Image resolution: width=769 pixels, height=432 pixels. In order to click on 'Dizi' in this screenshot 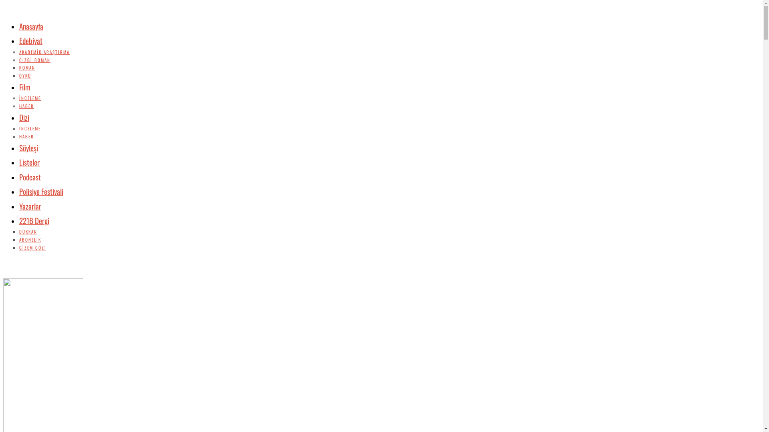, I will do `click(24, 117)`.